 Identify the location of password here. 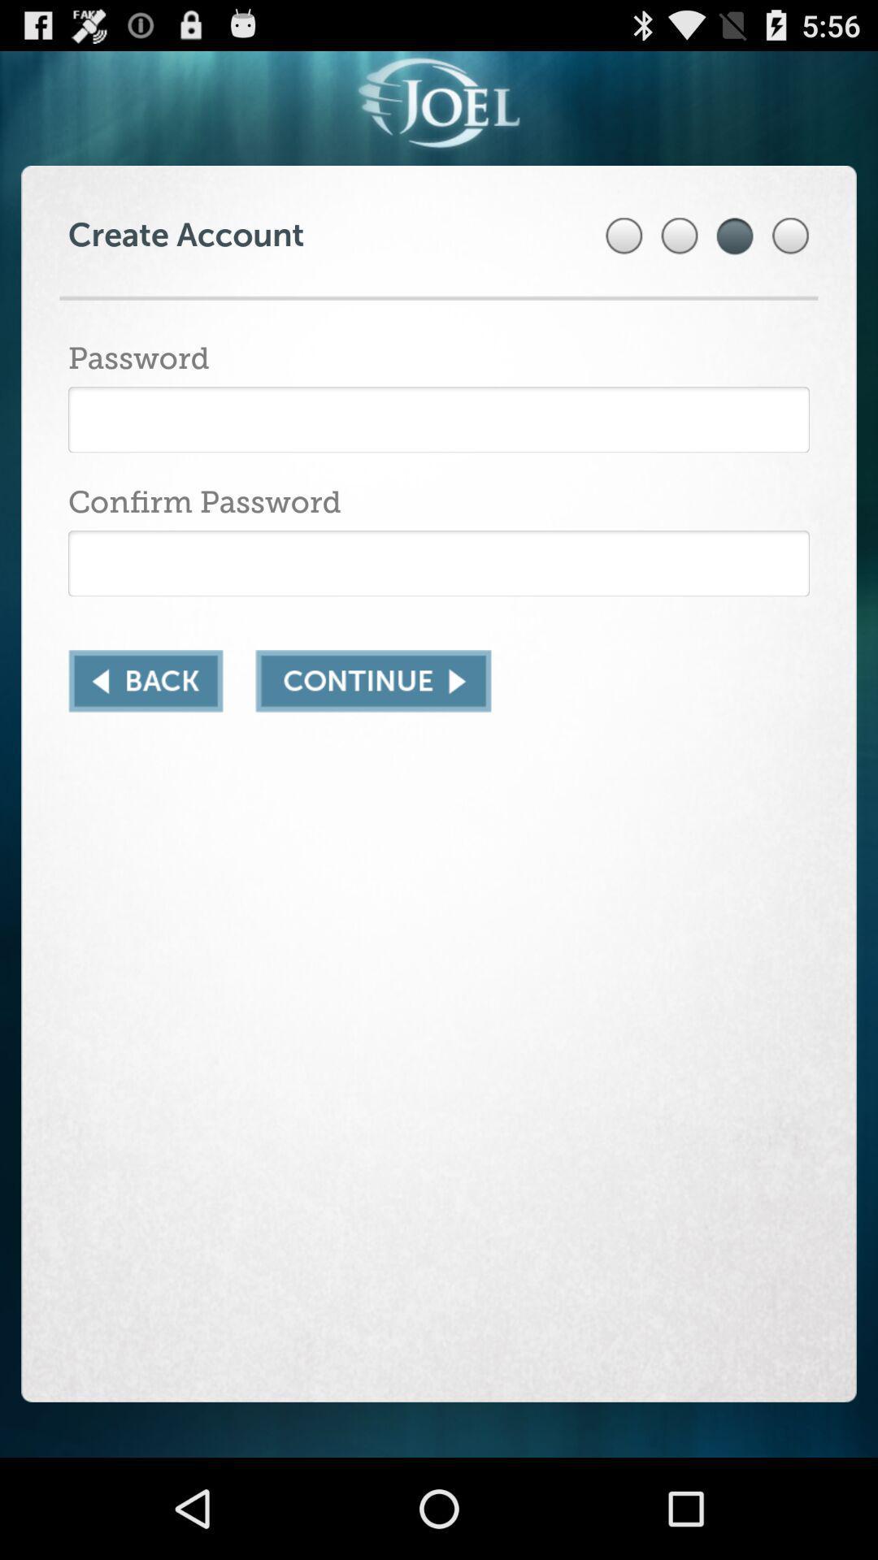
(439, 419).